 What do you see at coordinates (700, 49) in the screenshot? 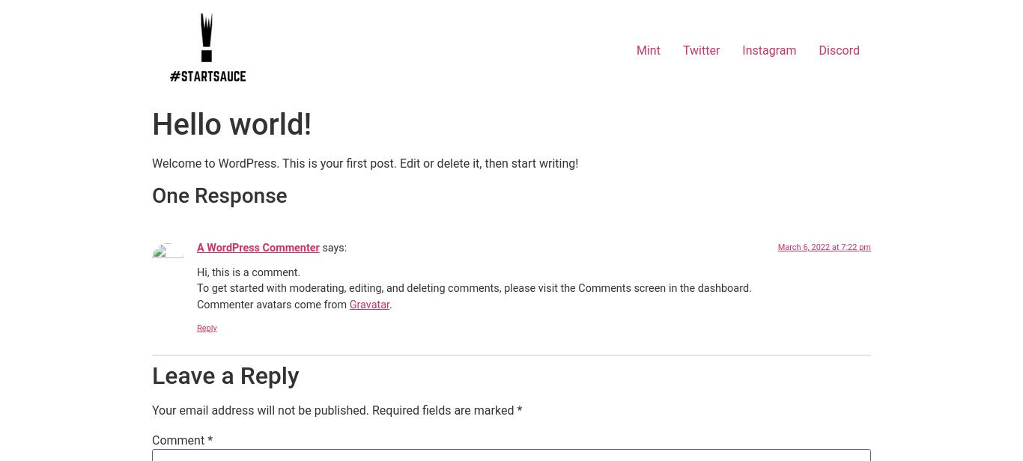
I see `'Twitter'` at bounding box center [700, 49].